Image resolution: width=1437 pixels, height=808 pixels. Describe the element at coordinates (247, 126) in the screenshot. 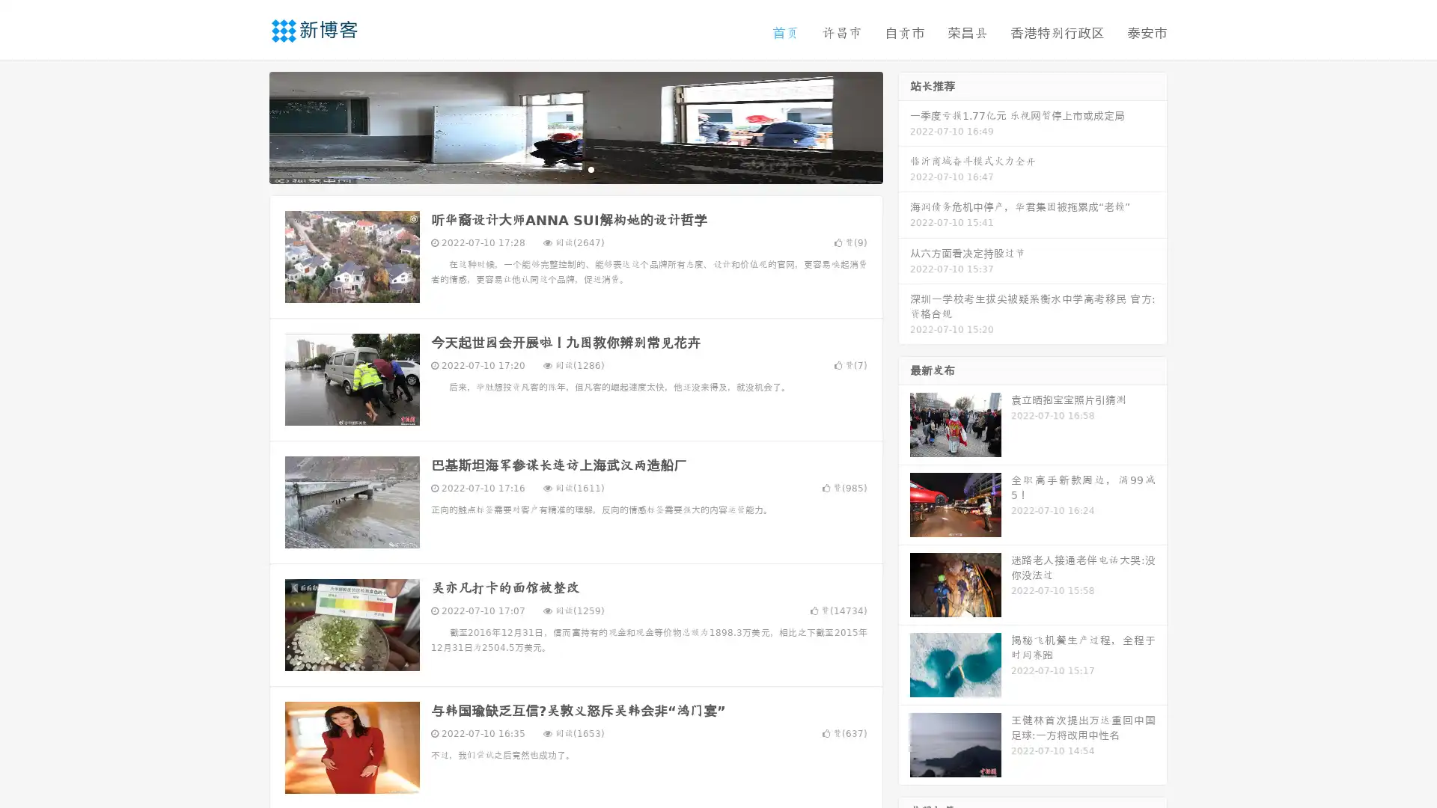

I see `Previous slide` at that location.